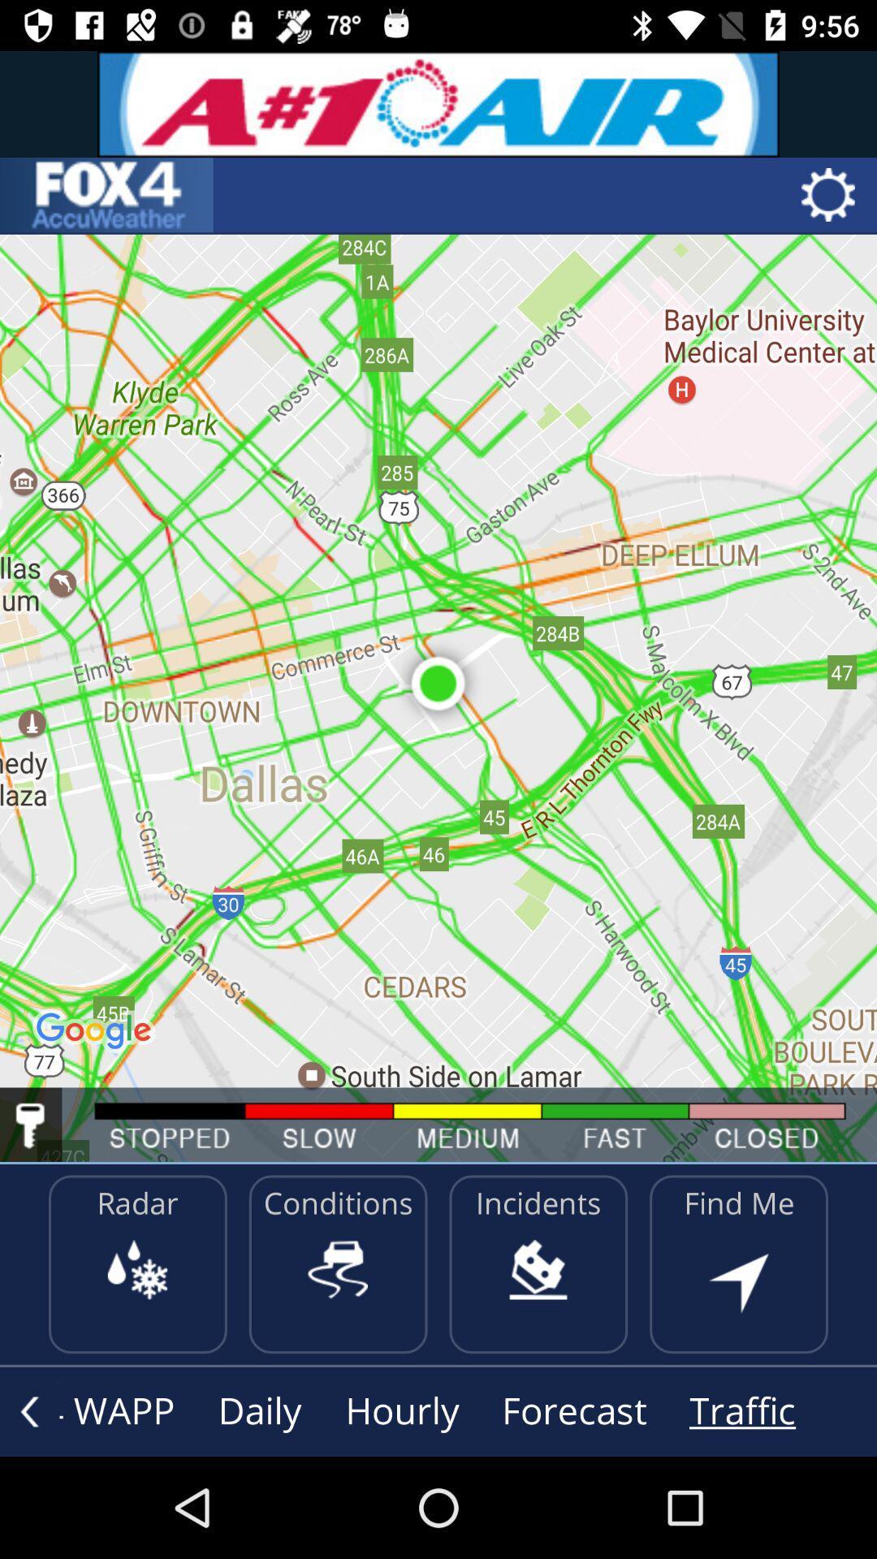 The height and width of the screenshot is (1559, 877). What do you see at coordinates (31, 1125) in the screenshot?
I see `current location of motor vehicle` at bounding box center [31, 1125].